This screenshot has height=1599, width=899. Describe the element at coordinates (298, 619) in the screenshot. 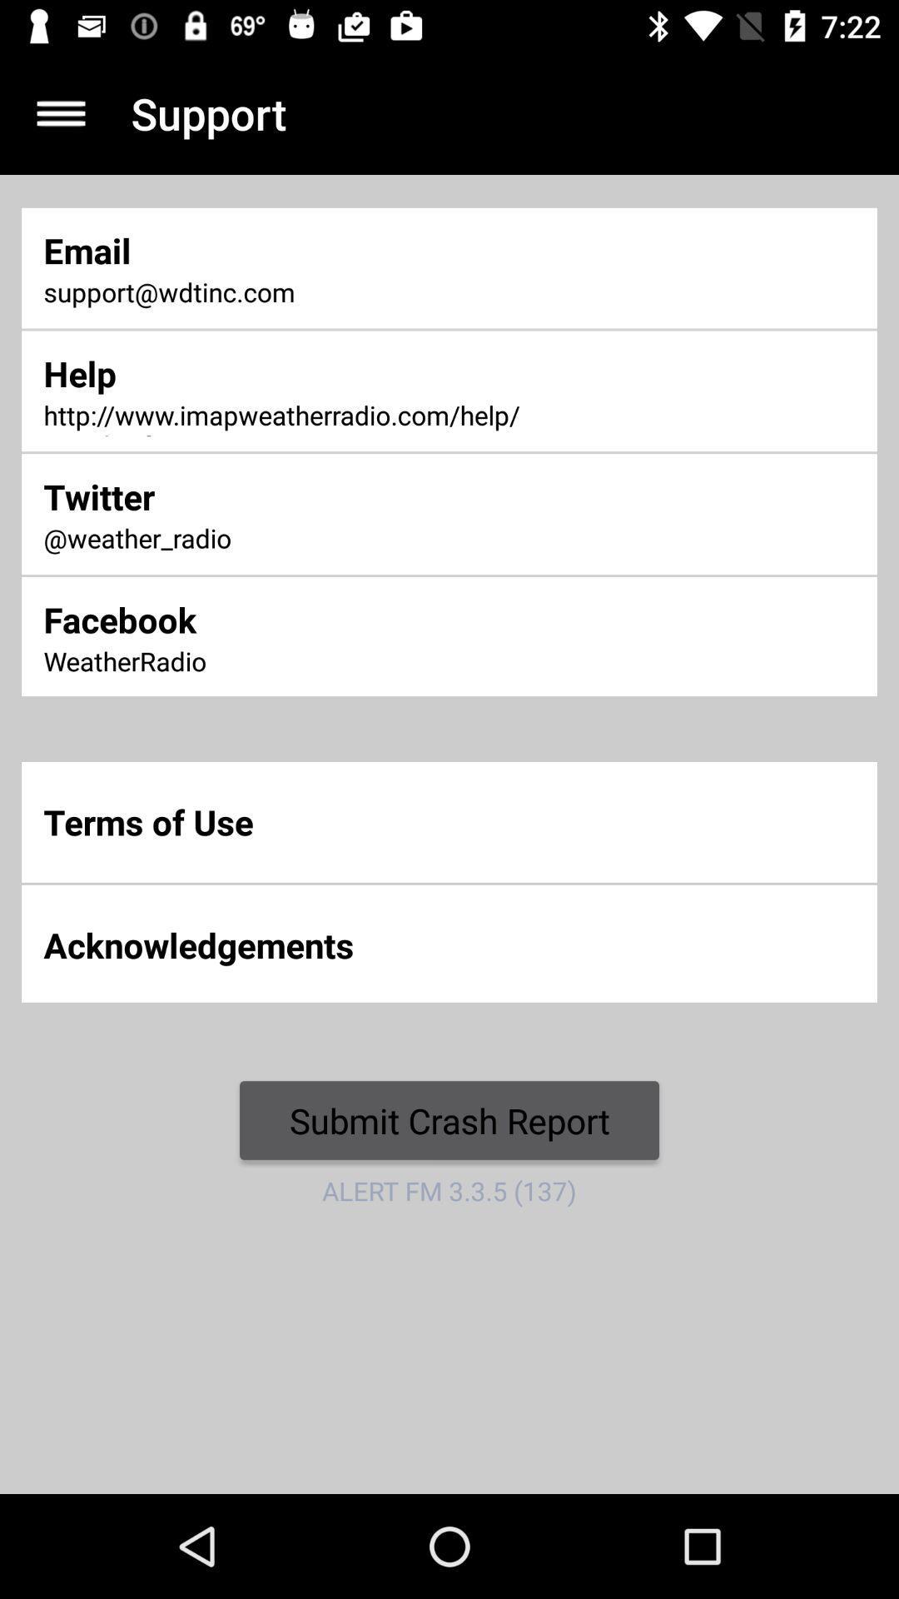

I see `item below the @weather_radio` at that location.